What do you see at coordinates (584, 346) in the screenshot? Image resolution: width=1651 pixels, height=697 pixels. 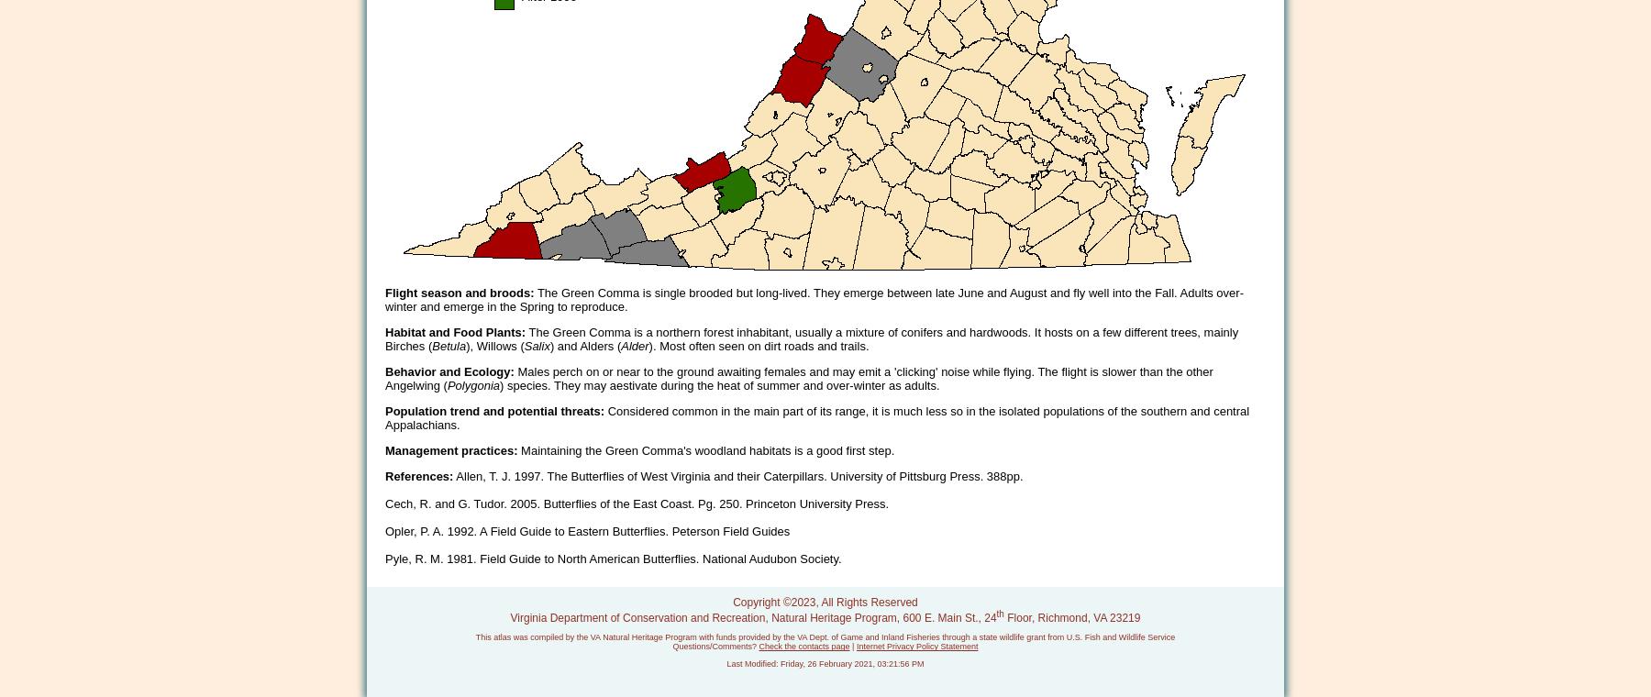 I see `') and Alders ('` at bounding box center [584, 346].